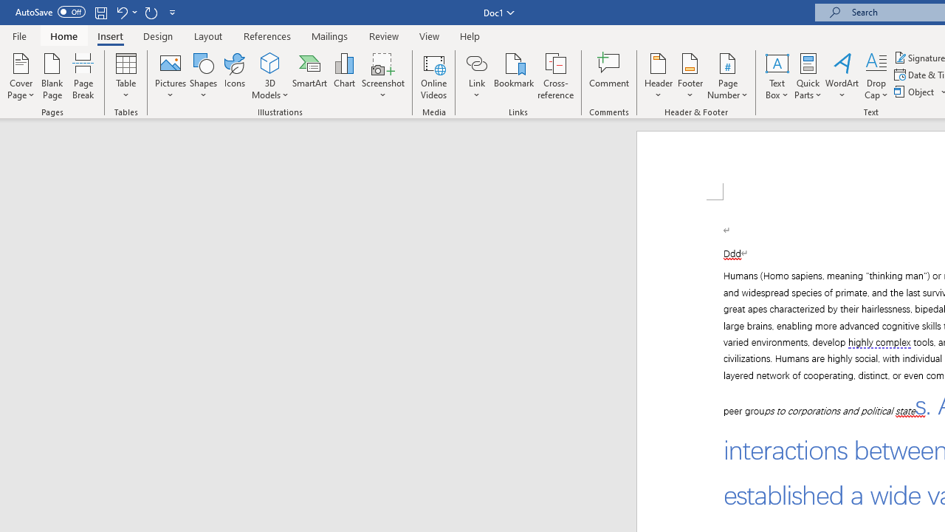 The width and height of the screenshot is (945, 532). Describe the element at coordinates (808, 76) in the screenshot. I see `'Quick Parts'` at that location.